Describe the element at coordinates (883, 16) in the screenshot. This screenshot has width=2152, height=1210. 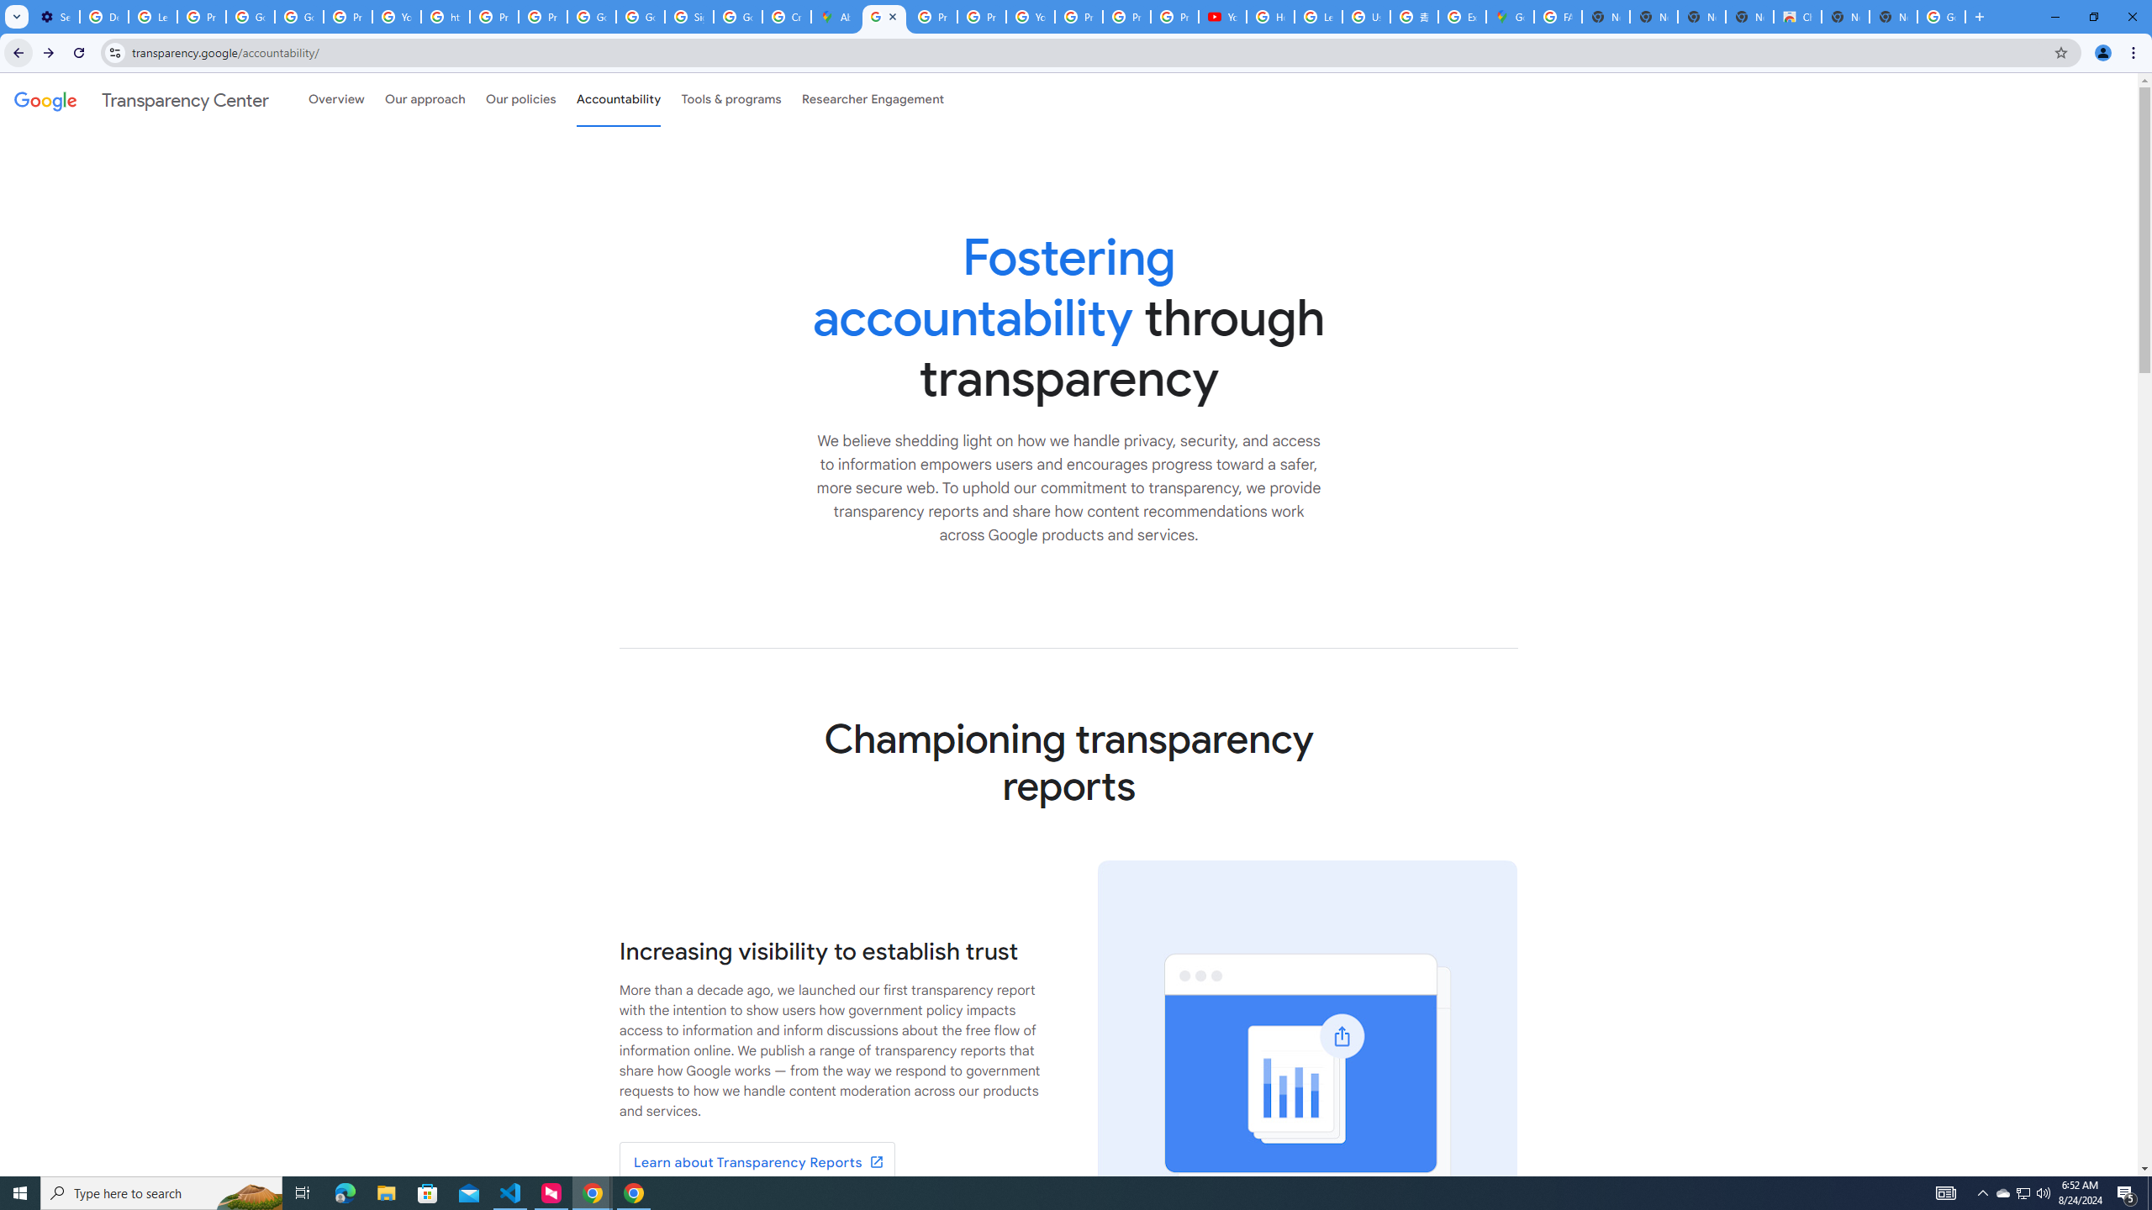
I see `'Policy Accountability and Transparency - Transparency Center'` at that location.